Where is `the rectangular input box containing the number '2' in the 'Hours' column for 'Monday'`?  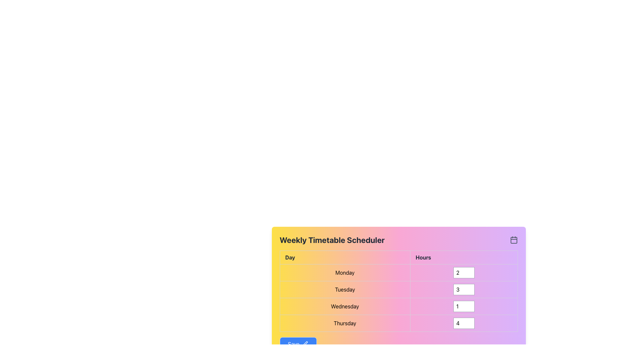 the rectangular input box containing the number '2' in the 'Hours' column for 'Monday' is located at coordinates (463, 273).